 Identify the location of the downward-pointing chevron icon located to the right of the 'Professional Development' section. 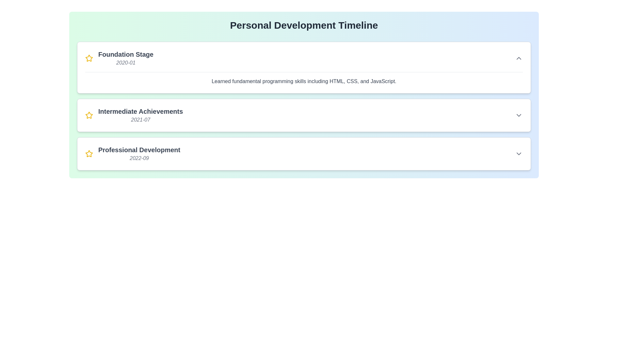
(518, 154).